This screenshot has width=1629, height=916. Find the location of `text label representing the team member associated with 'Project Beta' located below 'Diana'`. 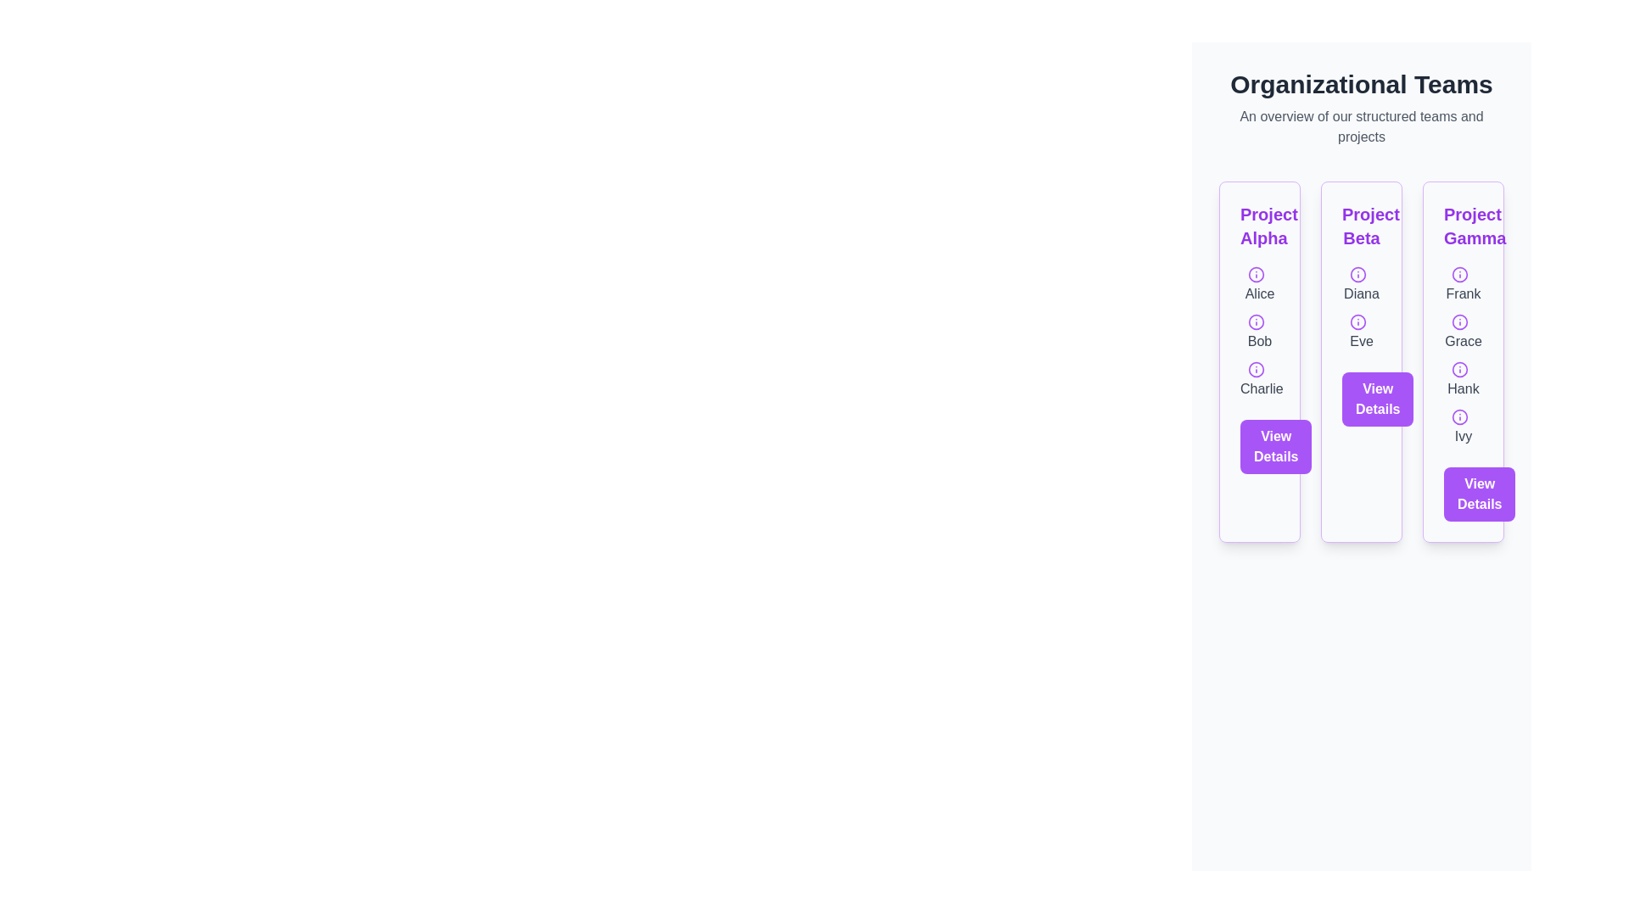

text label representing the team member associated with 'Project Beta' located below 'Diana' is located at coordinates (1361, 331).